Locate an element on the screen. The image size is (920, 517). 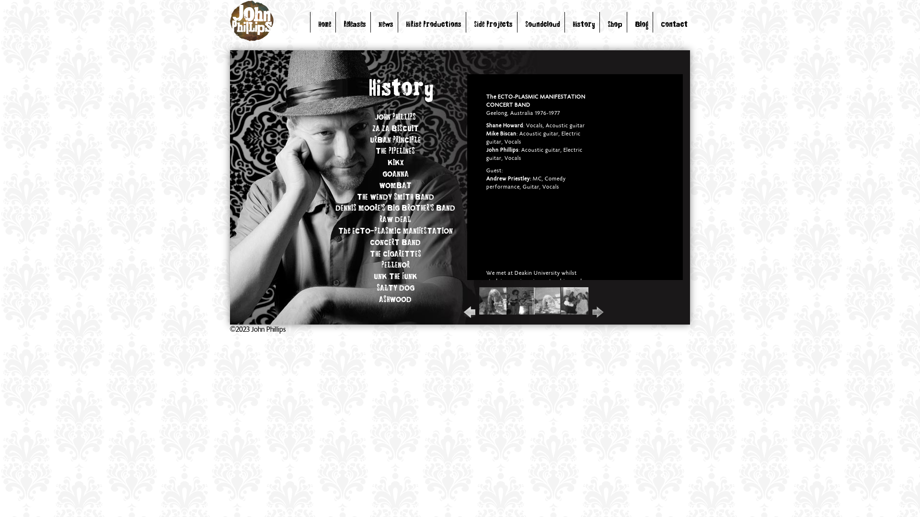
'Side Projects' is located at coordinates (493, 24).